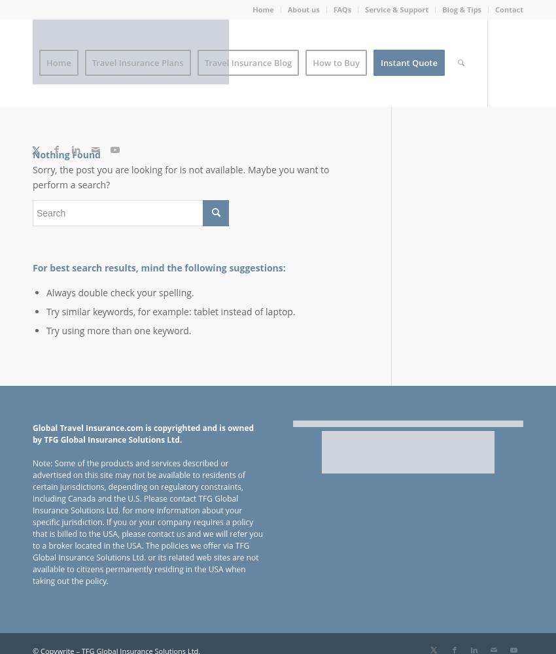 The image size is (556, 654). I want to click on 'Always double check your spelling.', so click(119, 291).